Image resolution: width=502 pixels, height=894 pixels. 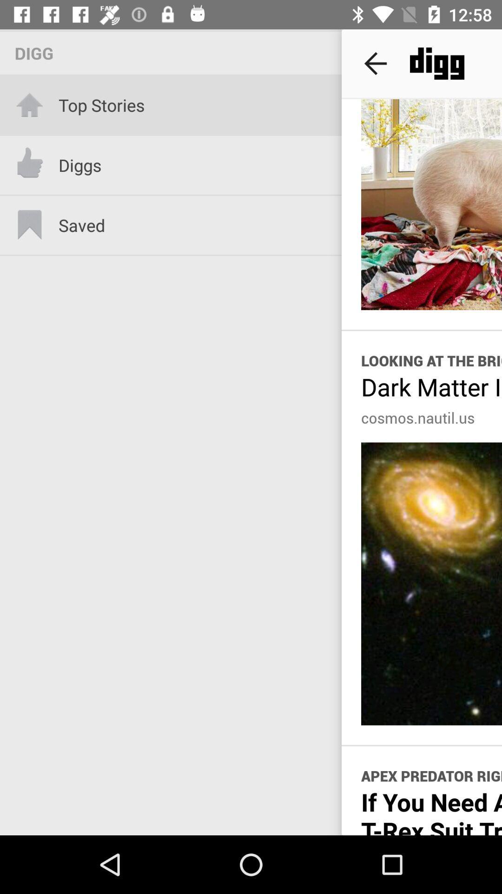 I want to click on icon above if you need, so click(x=431, y=776).